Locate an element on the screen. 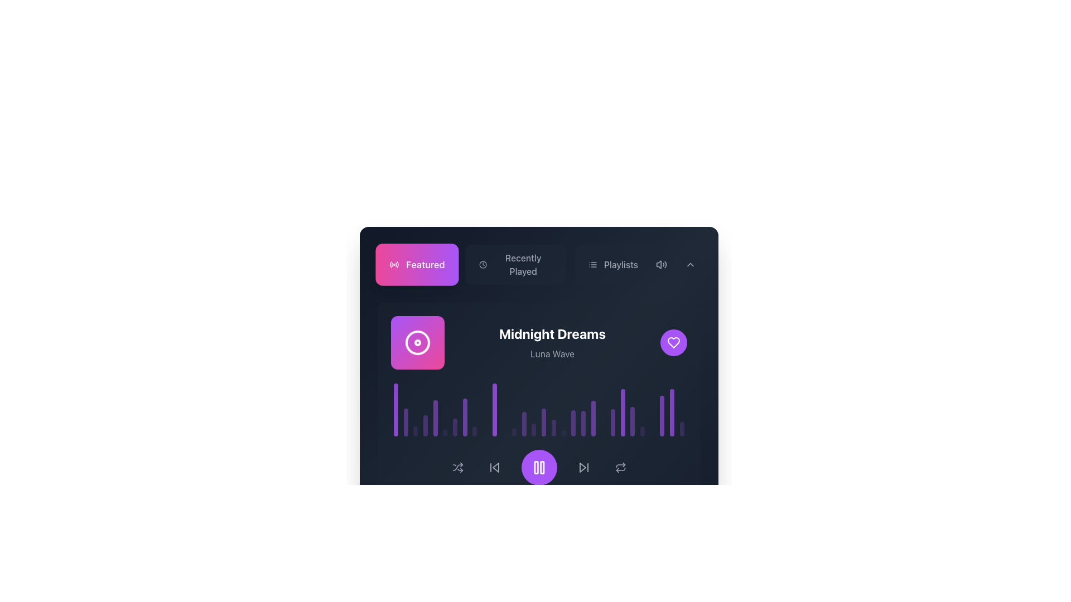 This screenshot has height=602, width=1071. the volume control button located to the left of the downward-pointing chevron button in the upper-right corner of the interface is located at coordinates (661, 264).